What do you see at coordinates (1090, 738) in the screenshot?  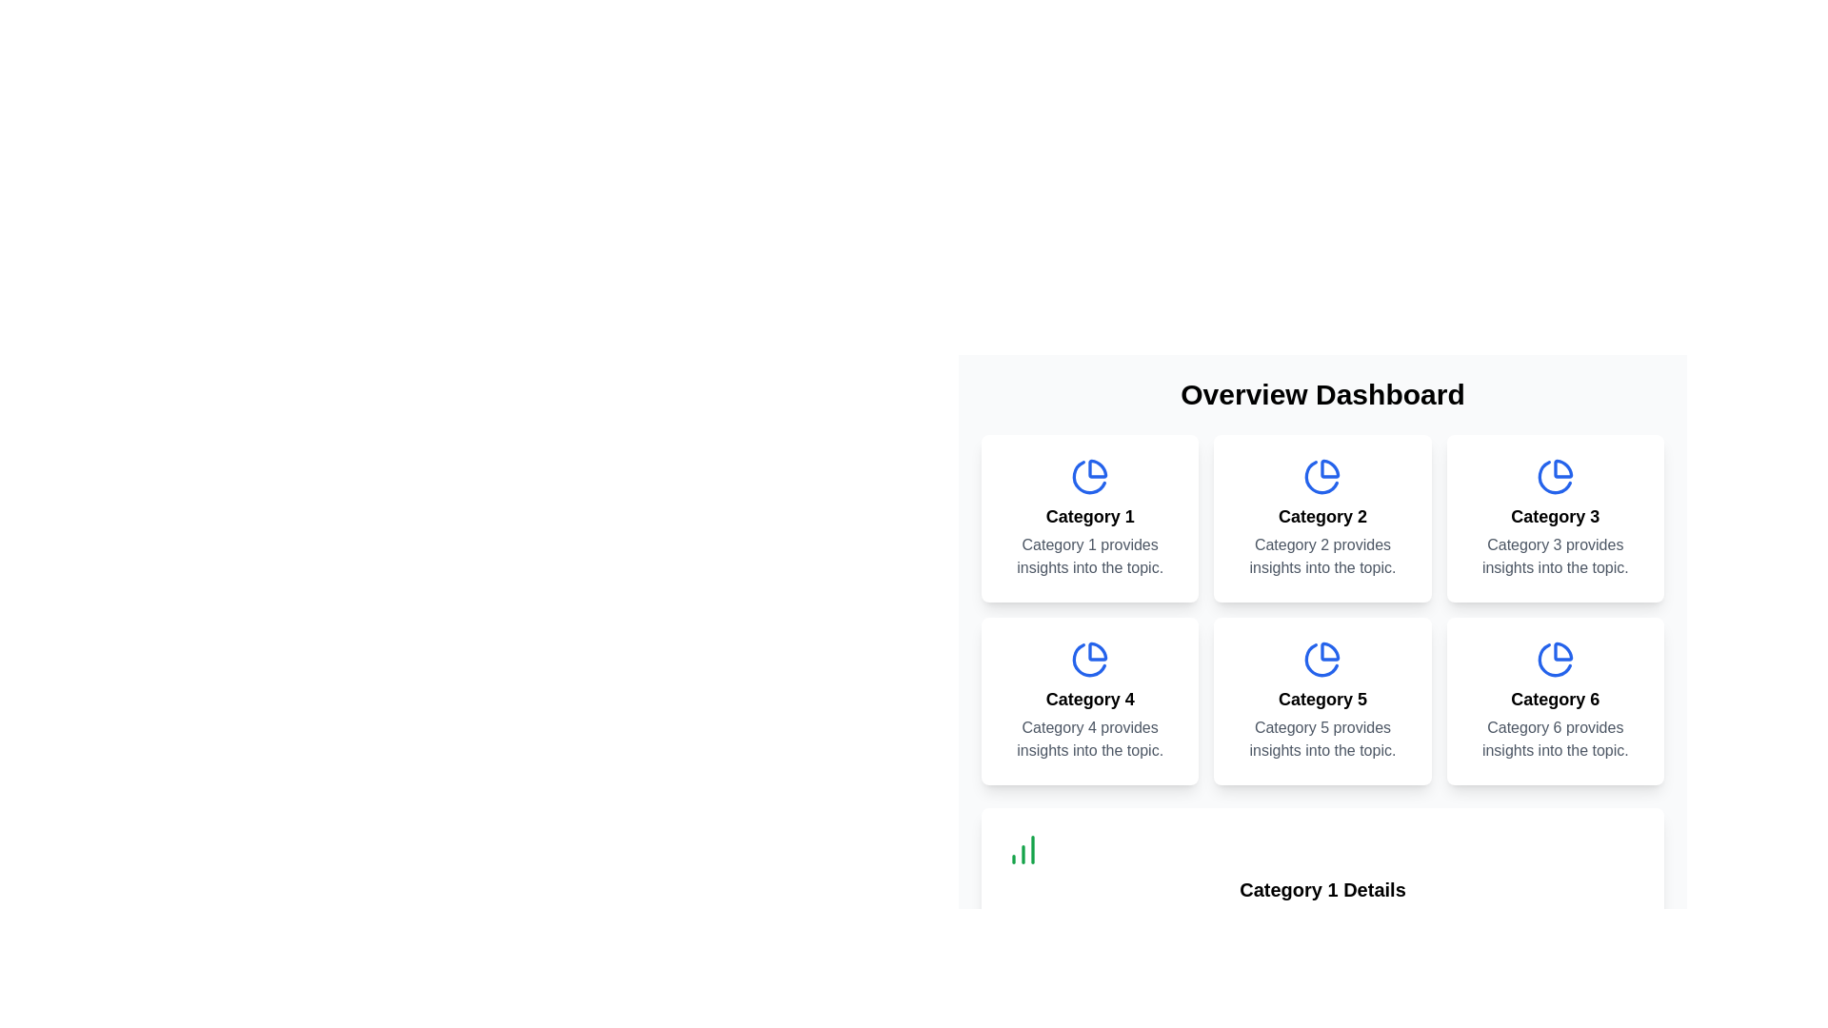 I see `the static informational text block styled with gray color that contains the sentence 'Category 4 provides insights into the topic.' This text is located below the text 'Category 4' in the lower section of the tile labeled 'Category 4.'` at bounding box center [1090, 738].